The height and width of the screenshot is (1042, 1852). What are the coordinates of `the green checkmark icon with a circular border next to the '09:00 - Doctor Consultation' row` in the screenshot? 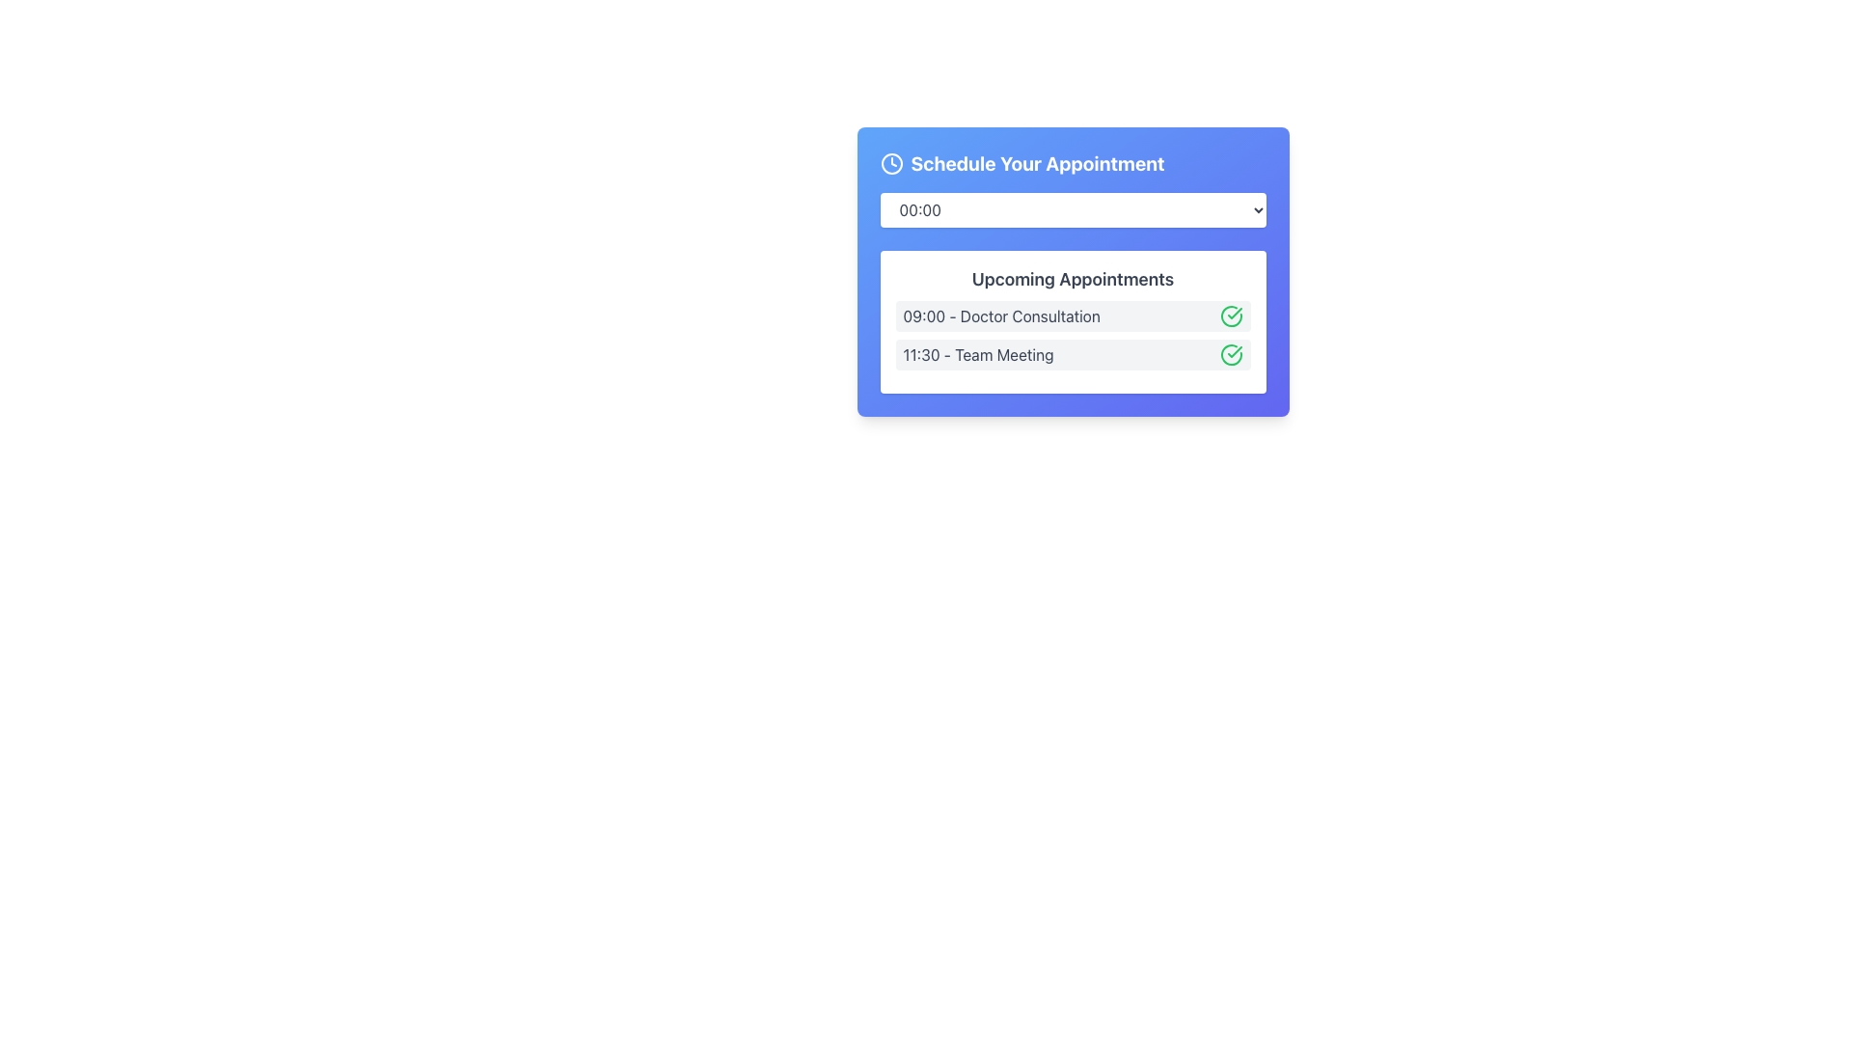 It's located at (1230, 315).